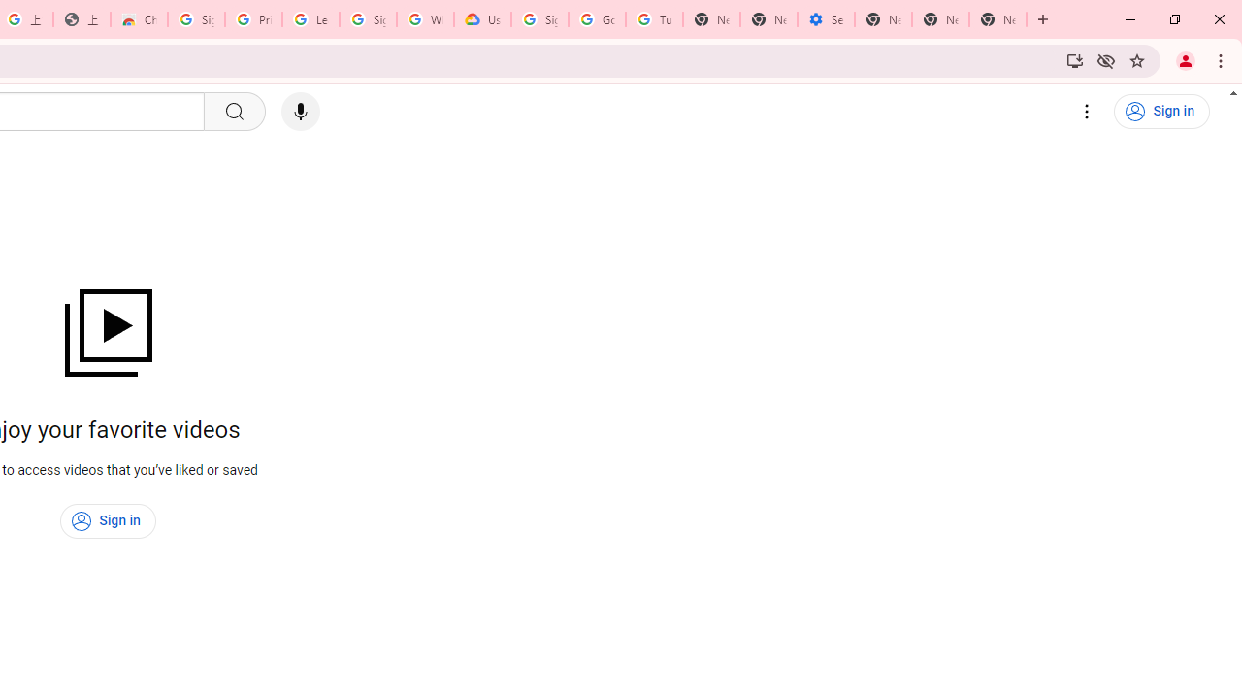 The width and height of the screenshot is (1242, 699). I want to click on 'Chrome Web Store', so click(138, 19).